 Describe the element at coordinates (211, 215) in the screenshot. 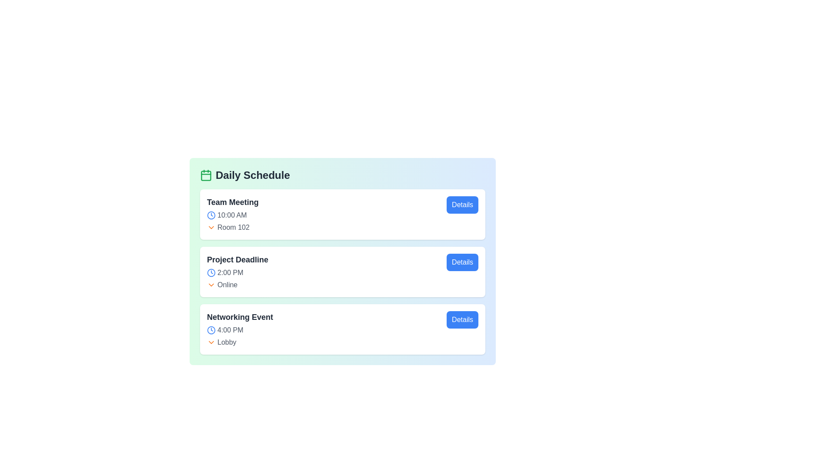

I see `the SVG Circle element representing the clock face in the 'Team Meeting' section of the 'Daily Schedule' card` at that location.